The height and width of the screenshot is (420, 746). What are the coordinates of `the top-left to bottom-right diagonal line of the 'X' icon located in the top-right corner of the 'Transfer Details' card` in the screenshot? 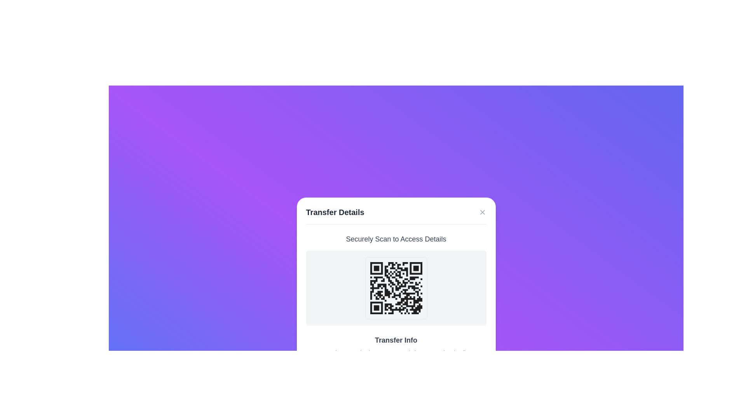 It's located at (482, 212).